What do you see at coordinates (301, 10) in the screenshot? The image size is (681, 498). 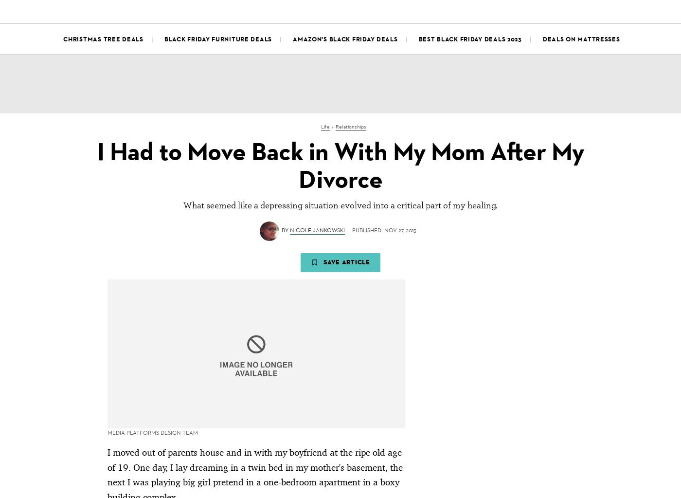 I see `'Food'` at bounding box center [301, 10].